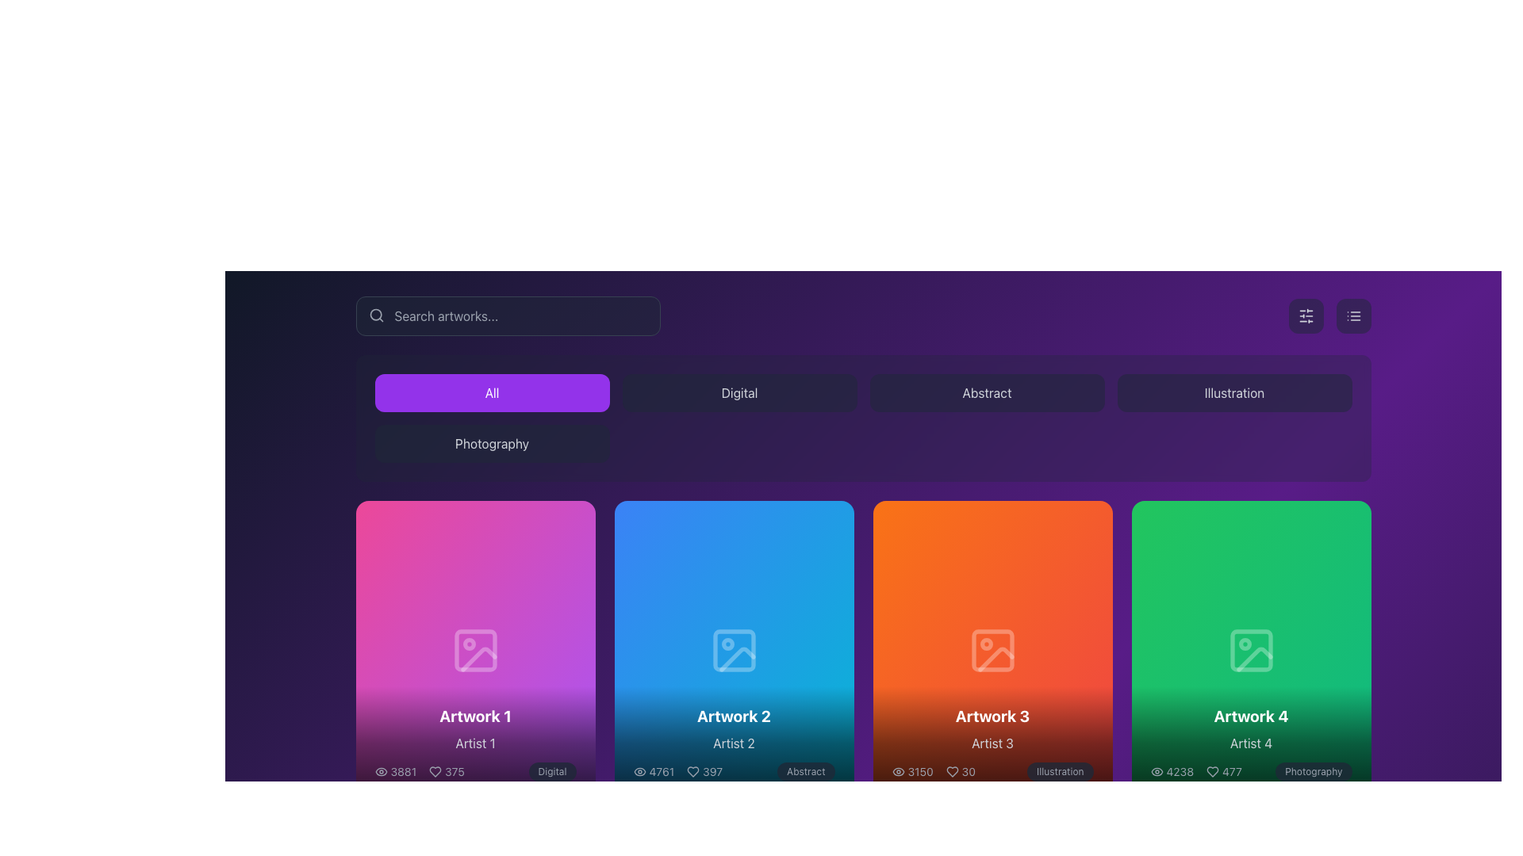 This screenshot has height=856, width=1523. I want to click on the heart-shaped icon for Artwork 2, located at the lower section of the card, to possibly see additional actions or animations, so click(693, 770).